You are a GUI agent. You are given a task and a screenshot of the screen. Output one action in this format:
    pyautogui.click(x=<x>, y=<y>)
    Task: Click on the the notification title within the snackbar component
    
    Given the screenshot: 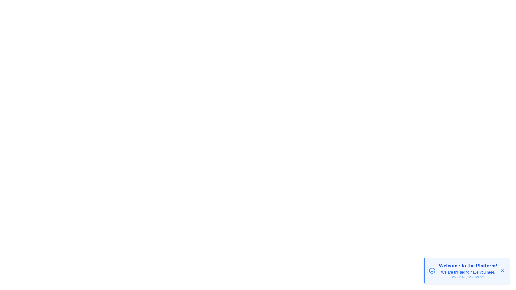 What is the action you would take?
    pyautogui.click(x=468, y=266)
    